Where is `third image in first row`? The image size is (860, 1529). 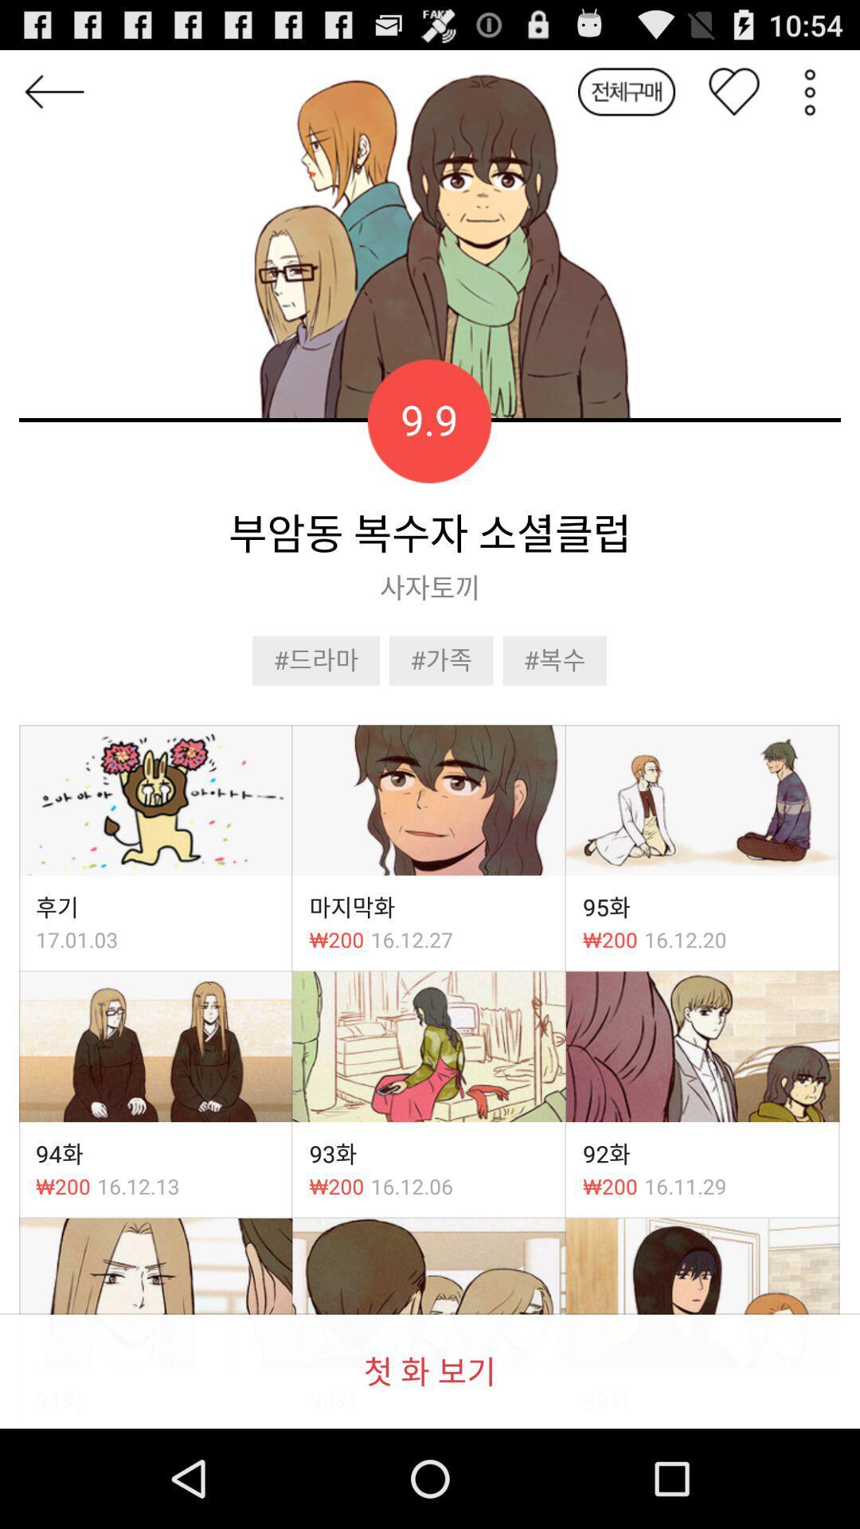
third image in first row is located at coordinates (702, 800).